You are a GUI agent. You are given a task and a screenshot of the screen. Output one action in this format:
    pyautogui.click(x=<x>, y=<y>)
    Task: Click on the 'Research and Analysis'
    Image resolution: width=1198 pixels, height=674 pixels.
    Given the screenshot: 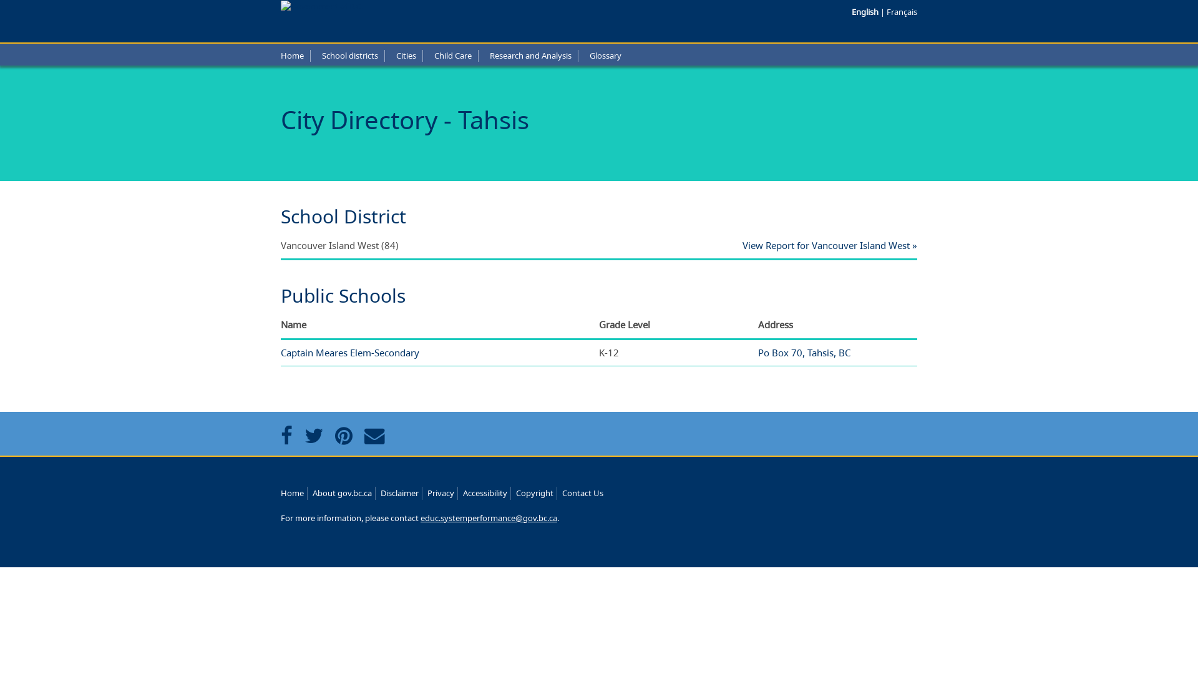 What is the action you would take?
    pyautogui.click(x=530, y=54)
    